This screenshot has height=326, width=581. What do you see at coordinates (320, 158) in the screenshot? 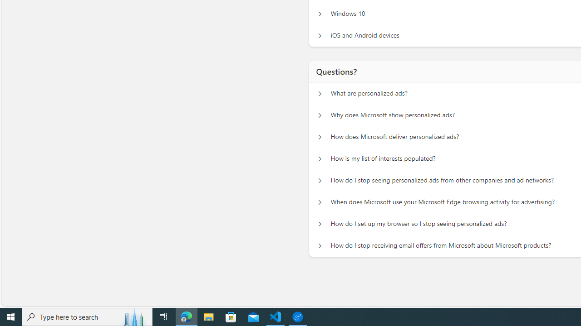
I see `'Questions? How is my list of interests populated?'` at bounding box center [320, 158].